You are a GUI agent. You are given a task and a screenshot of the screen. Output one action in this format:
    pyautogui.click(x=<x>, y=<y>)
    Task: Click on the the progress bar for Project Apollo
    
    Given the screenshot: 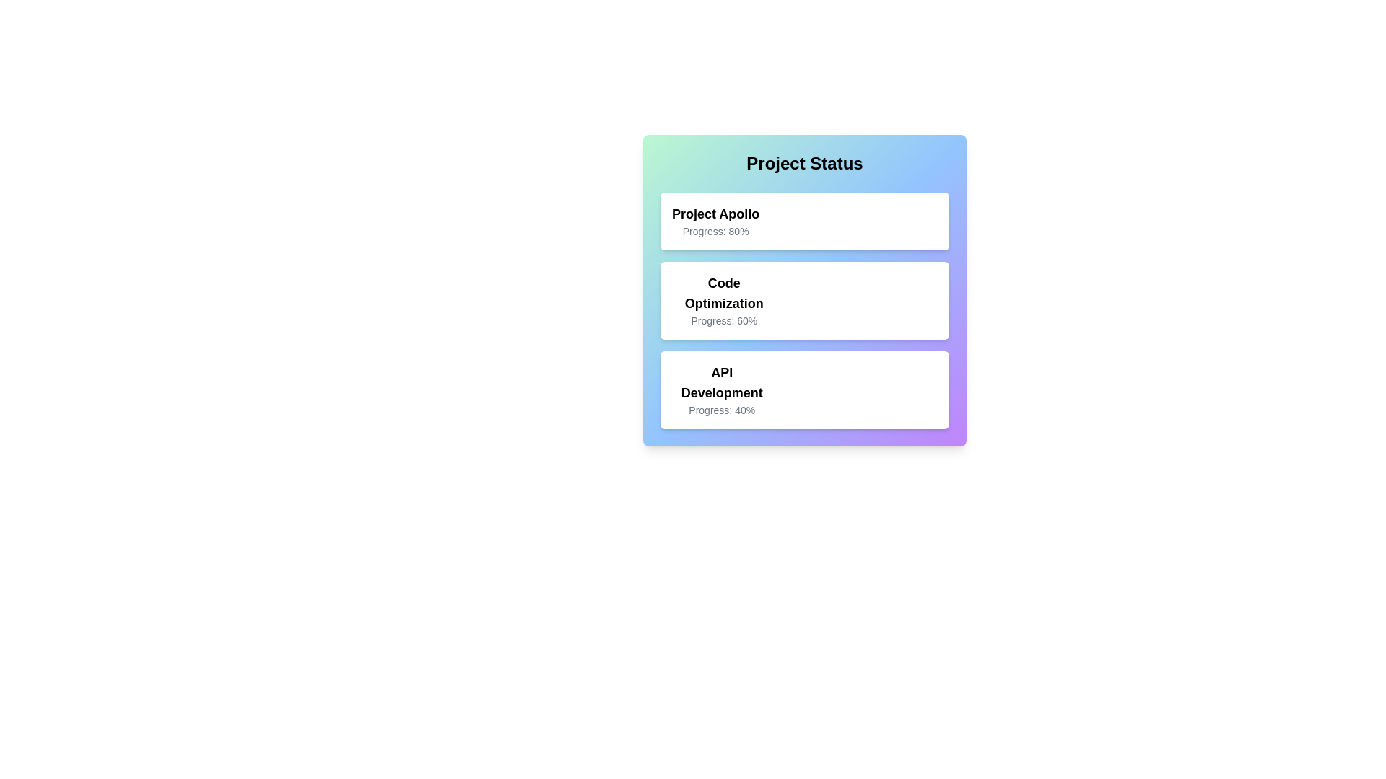 What is the action you would take?
    pyautogui.click(x=811, y=221)
    